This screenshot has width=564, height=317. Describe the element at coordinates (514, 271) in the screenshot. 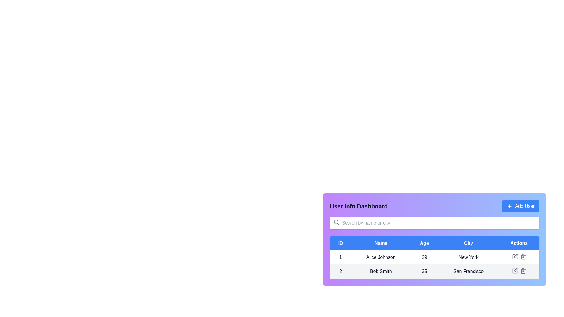

I see `the edit icon in the Actions column of the second row of the user table` at that location.